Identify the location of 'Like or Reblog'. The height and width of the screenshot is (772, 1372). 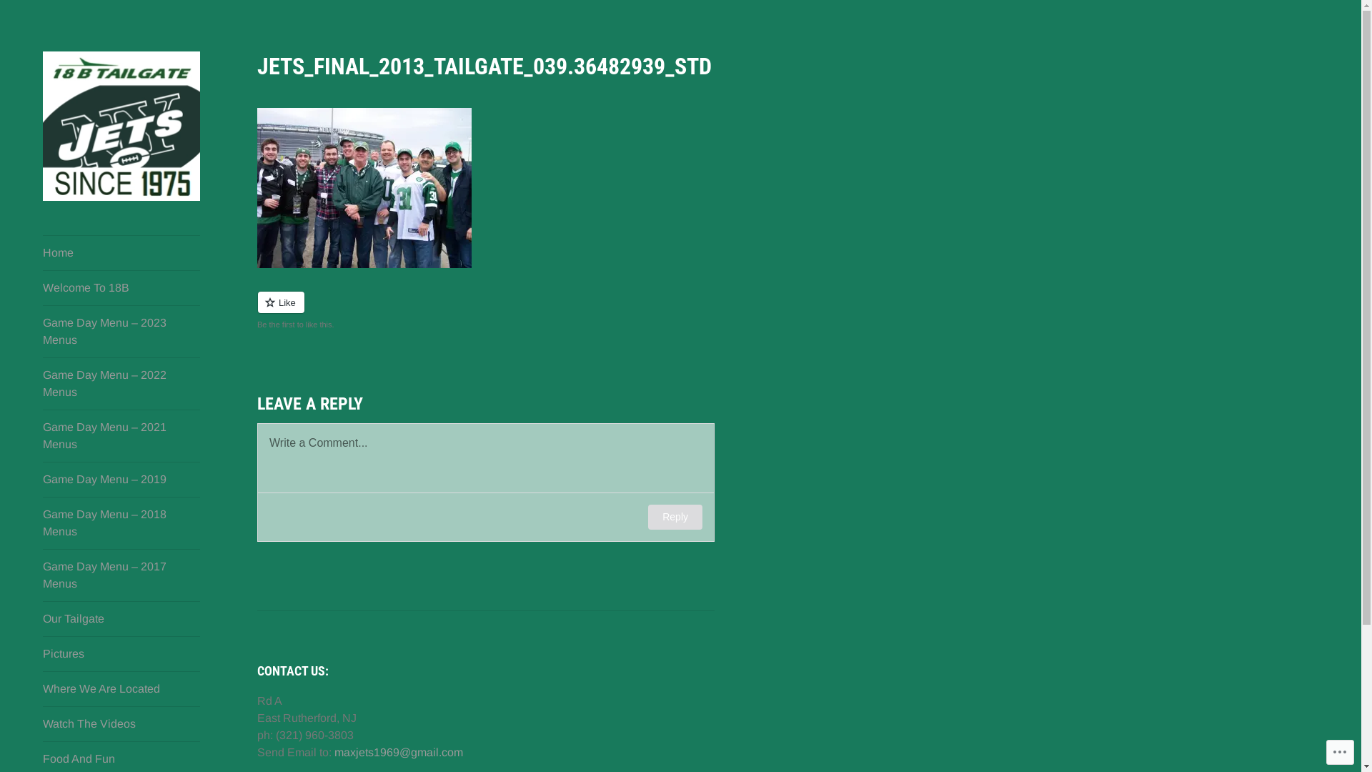
(572, 310).